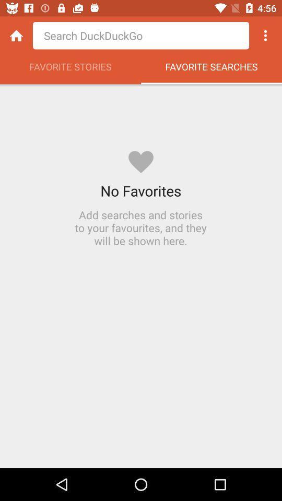 The width and height of the screenshot is (282, 501). I want to click on home page, so click(16, 35).